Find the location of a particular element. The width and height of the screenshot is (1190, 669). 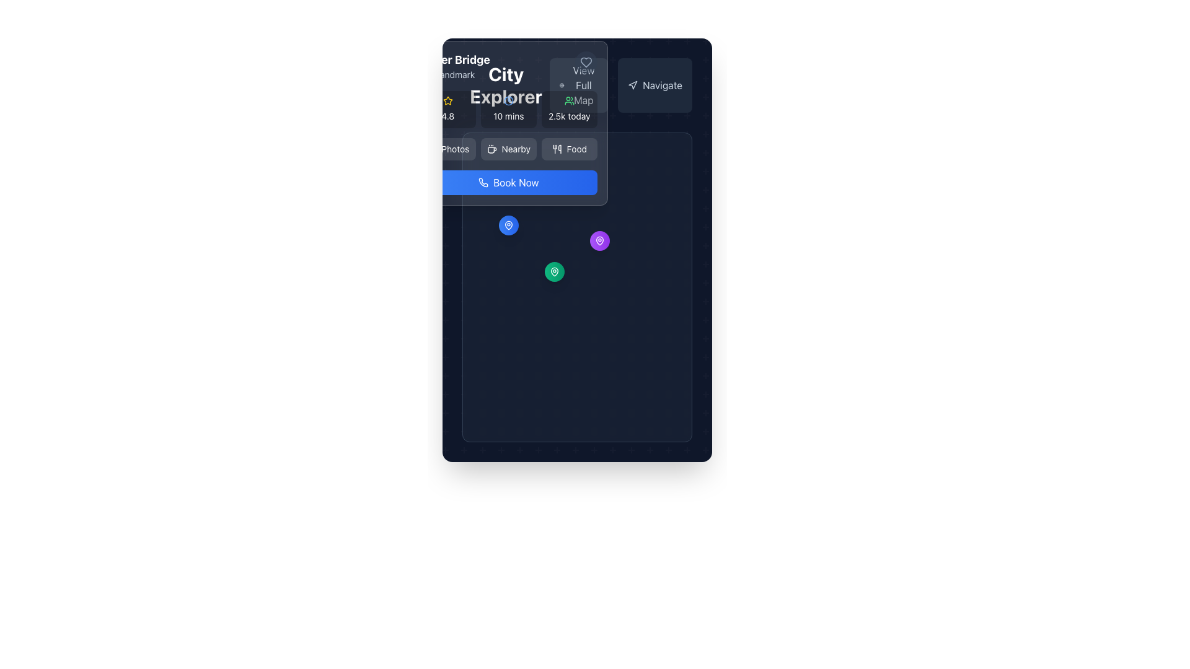

the text label within the booking button located in the lower-left quadrant of the dialog box is located at coordinates (516, 183).